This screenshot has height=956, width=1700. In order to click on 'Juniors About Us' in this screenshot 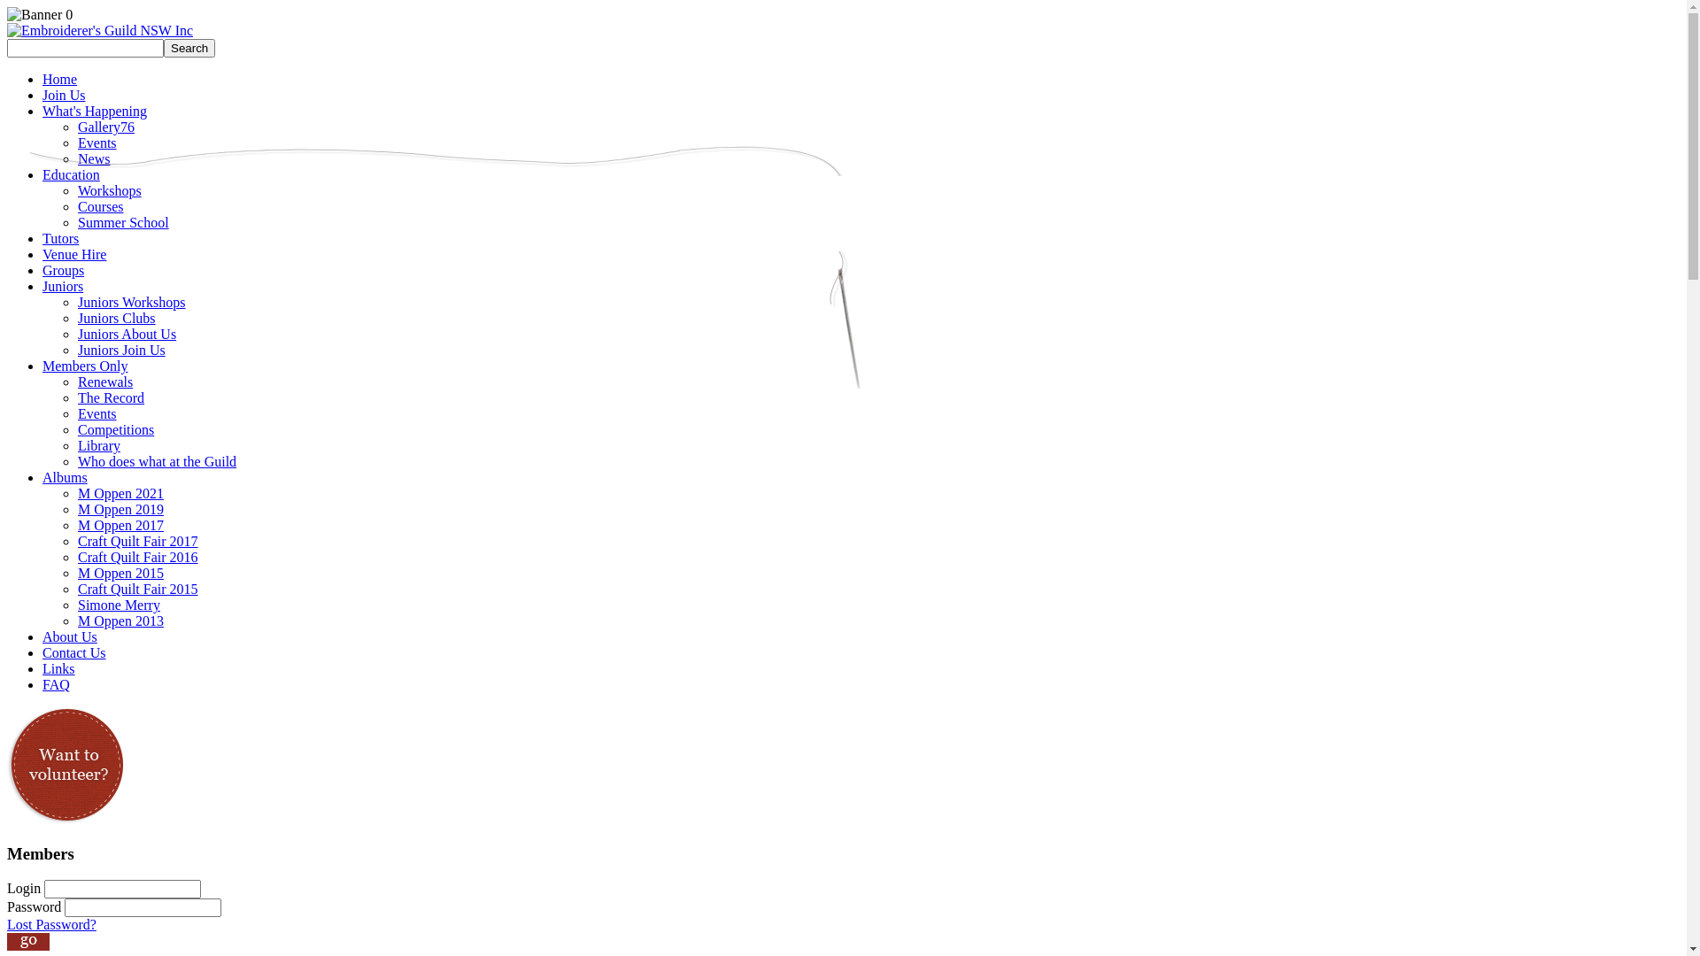, I will do `click(126, 334)`.